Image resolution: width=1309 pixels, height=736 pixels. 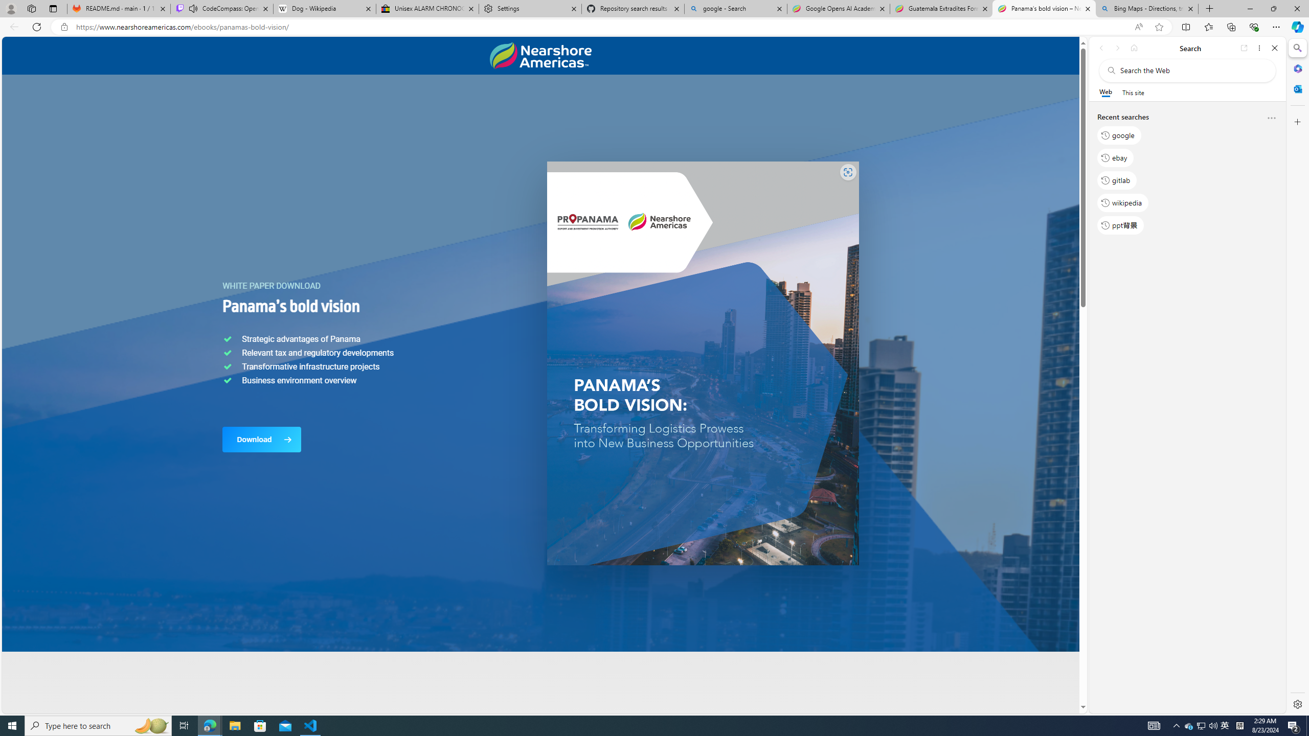 I want to click on 'Google Opens AI Academy for Startups - Nearshore Americas', so click(x=838, y=8).